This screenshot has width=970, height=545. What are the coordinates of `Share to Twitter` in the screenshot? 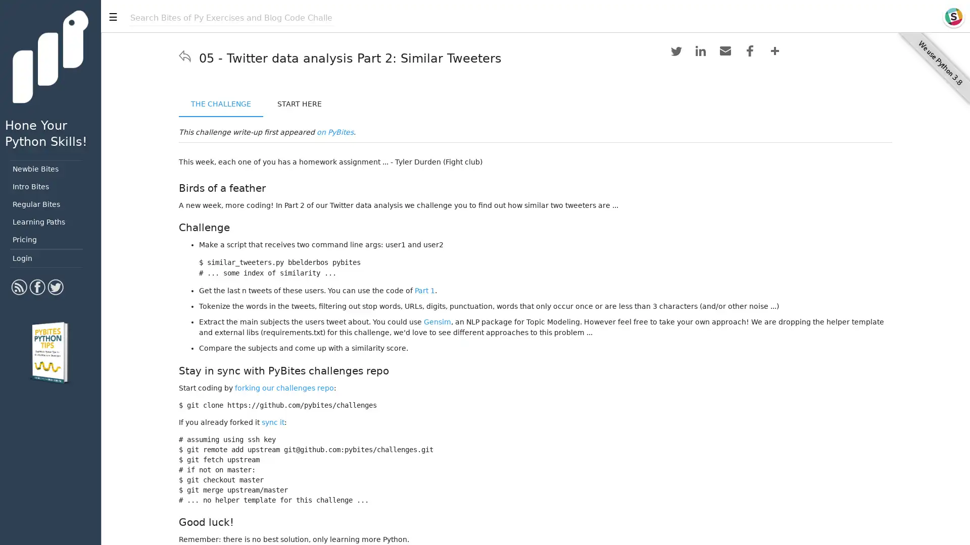 It's located at (676, 50).